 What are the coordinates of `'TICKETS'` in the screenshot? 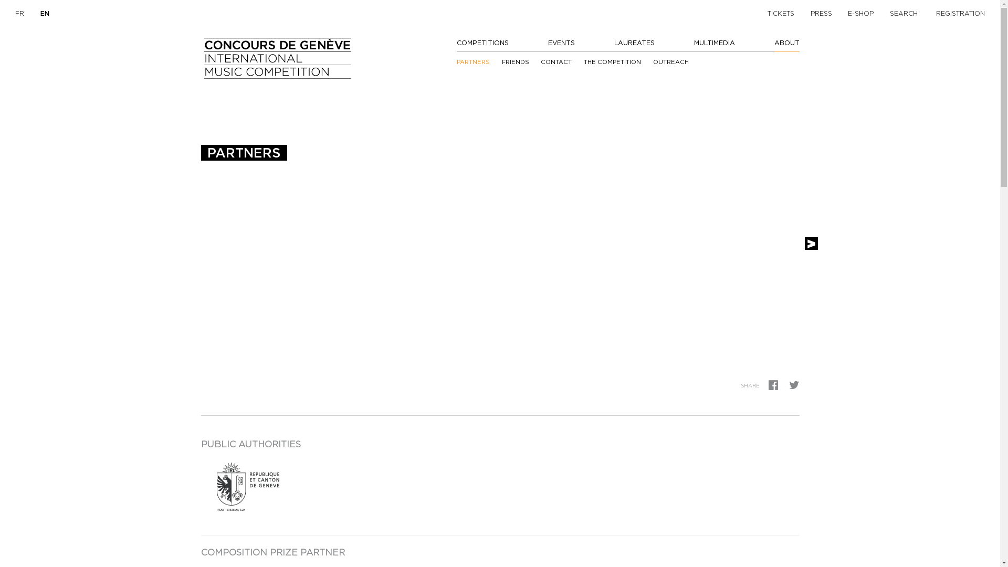 It's located at (781, 13).